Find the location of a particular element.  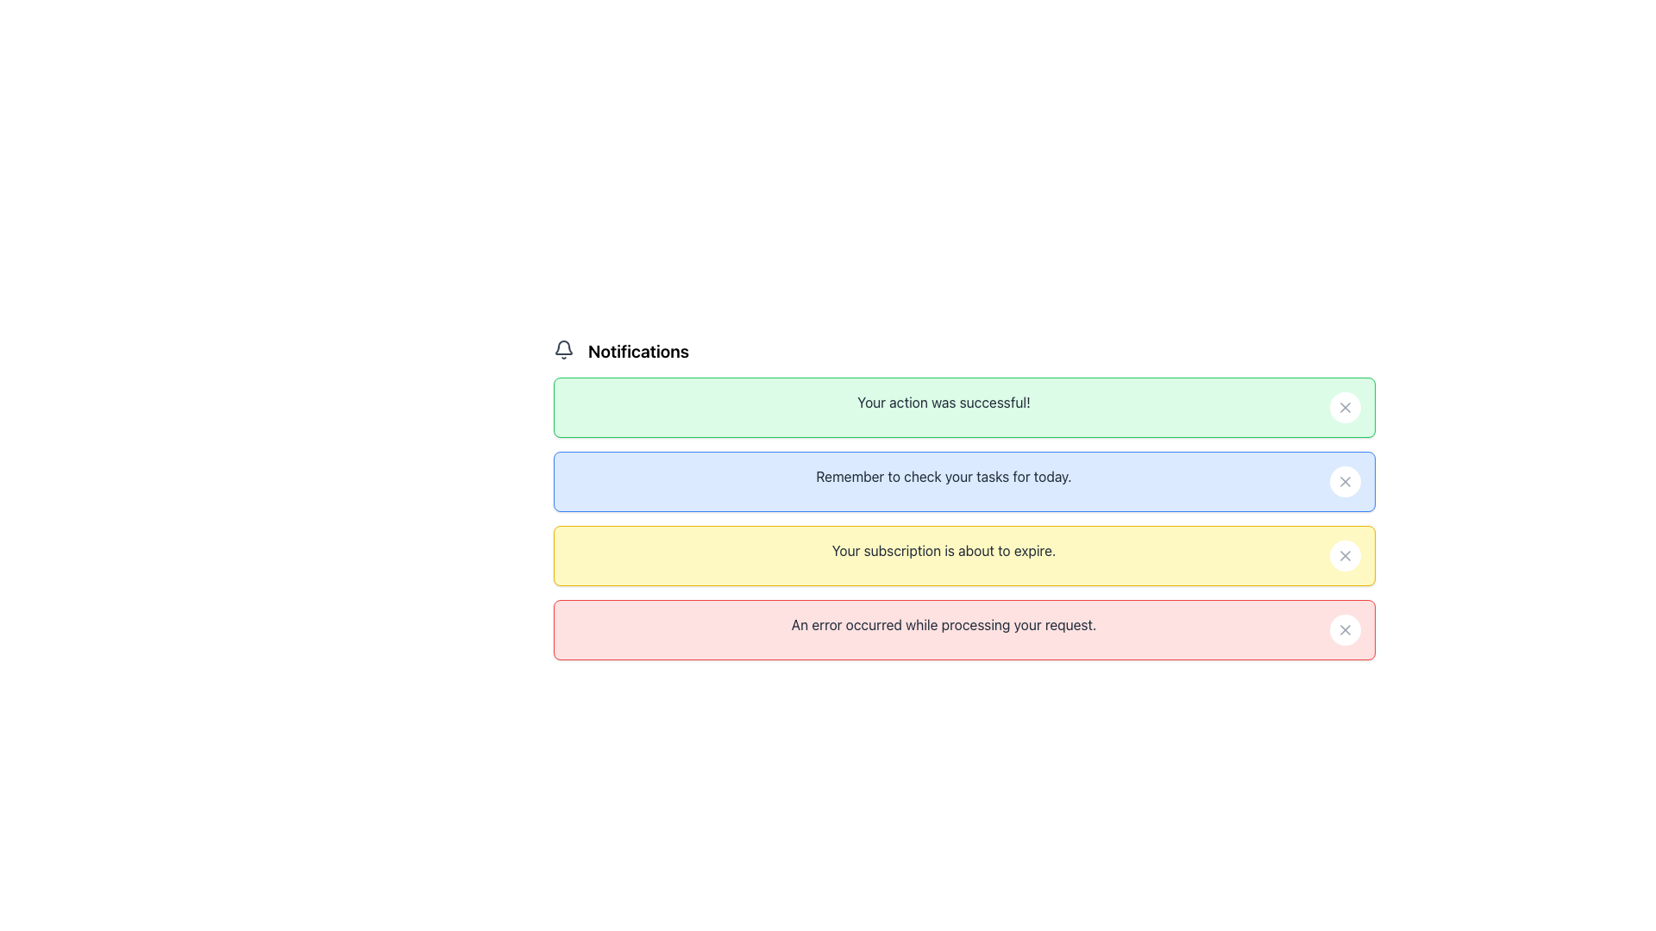

the top right to bottom left diagonal line of the close icon within the green notification box labeled 'Your action was successful!' is located at coordinates (1345, 408).